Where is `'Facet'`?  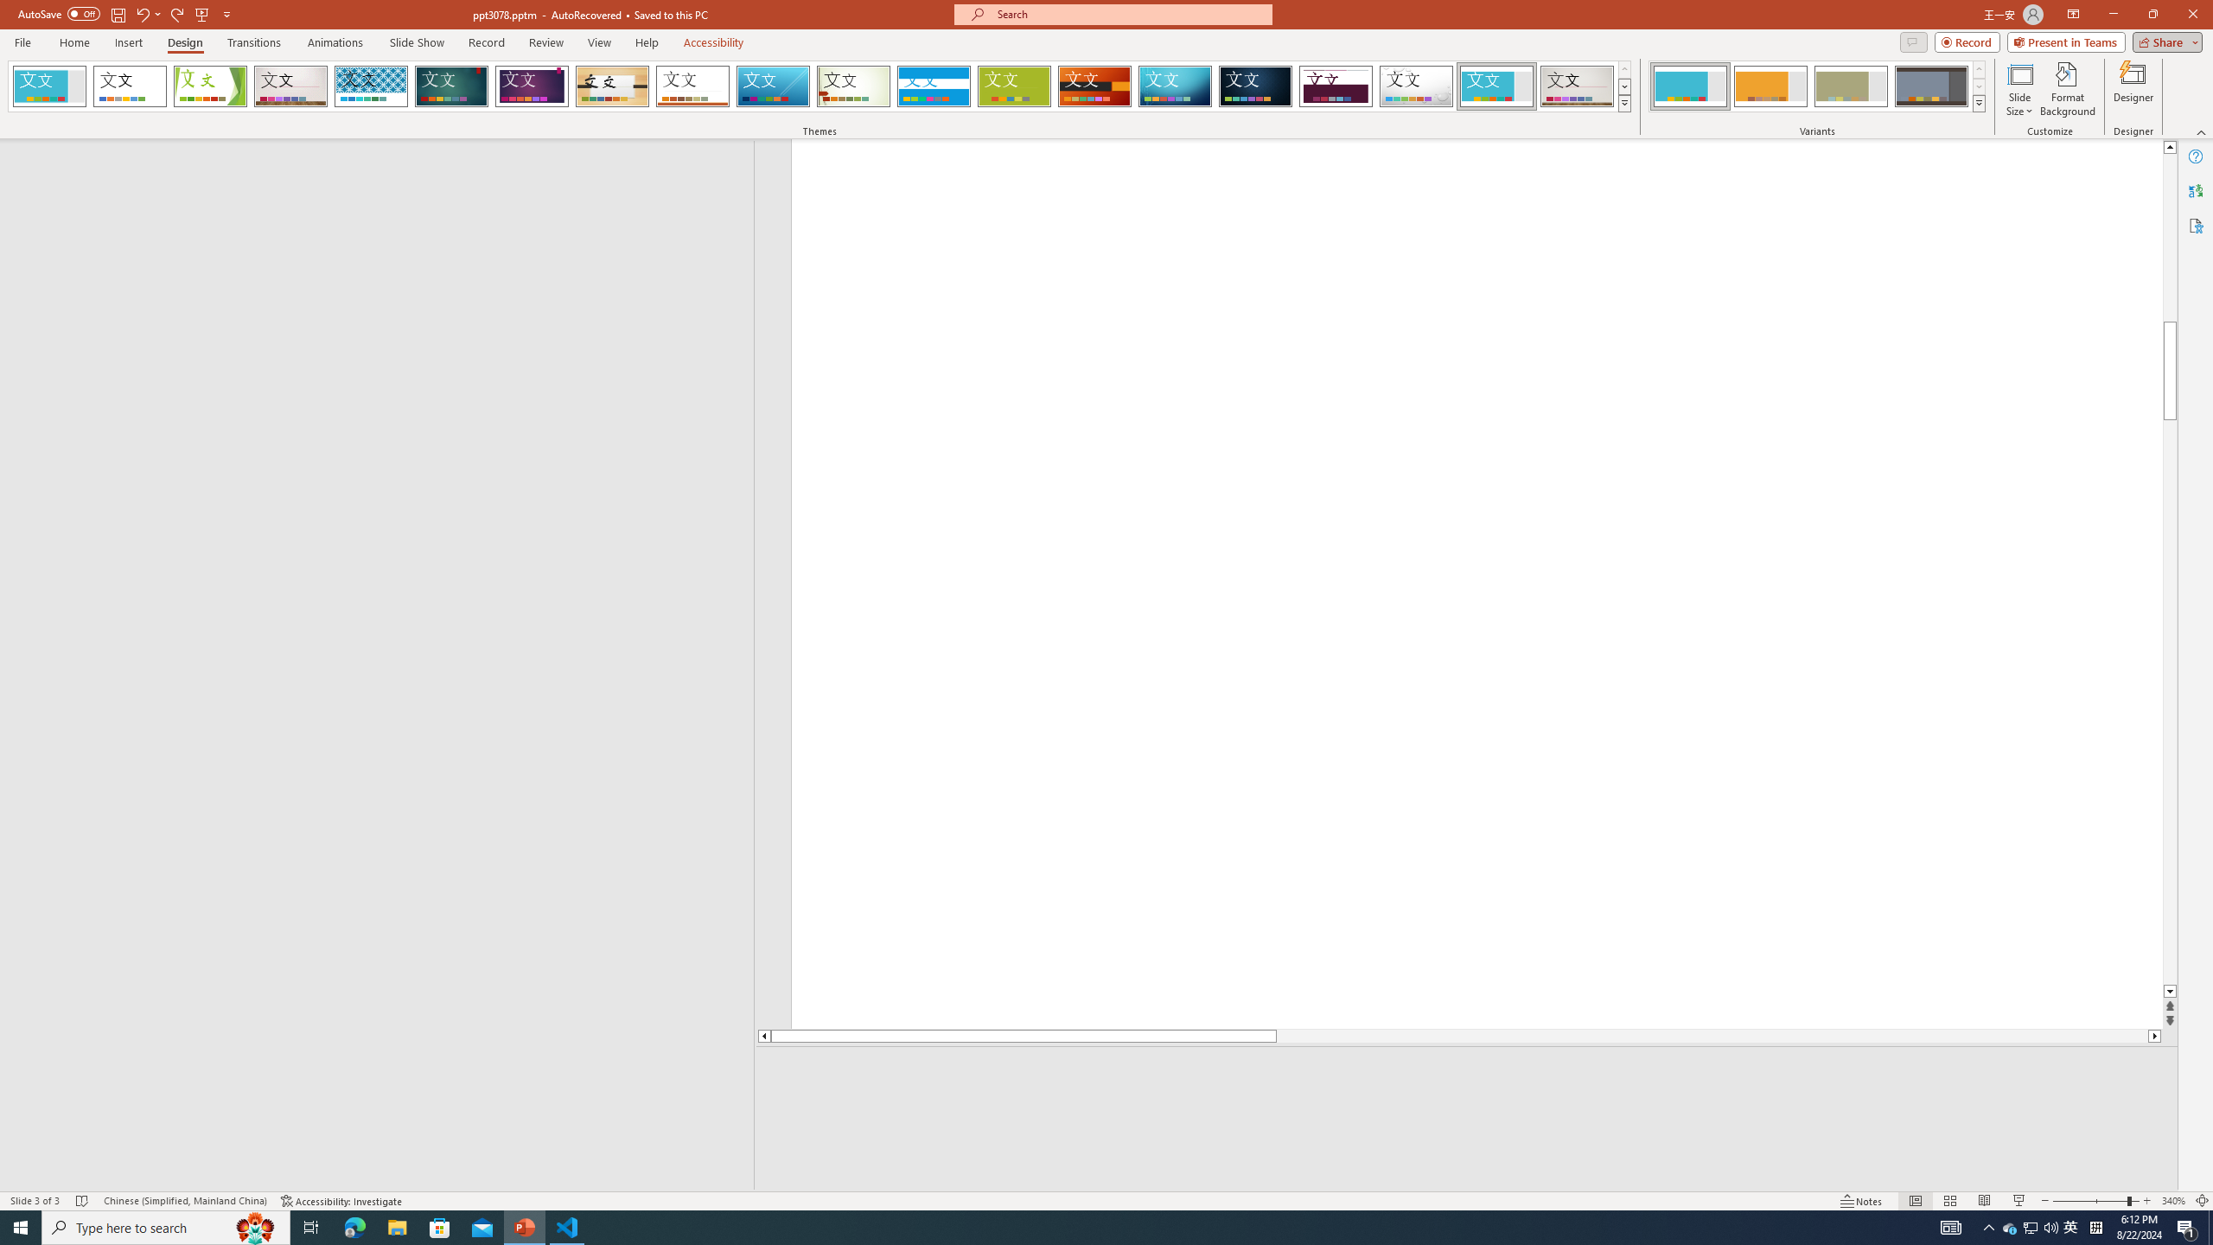 'Facet' is located at coordinates (209, 86).